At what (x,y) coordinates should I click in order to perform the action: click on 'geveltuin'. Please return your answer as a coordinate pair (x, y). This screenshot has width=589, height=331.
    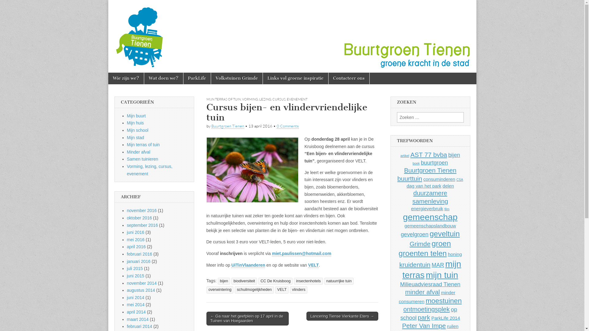
    Looking at the image, I should click on (429, 234).